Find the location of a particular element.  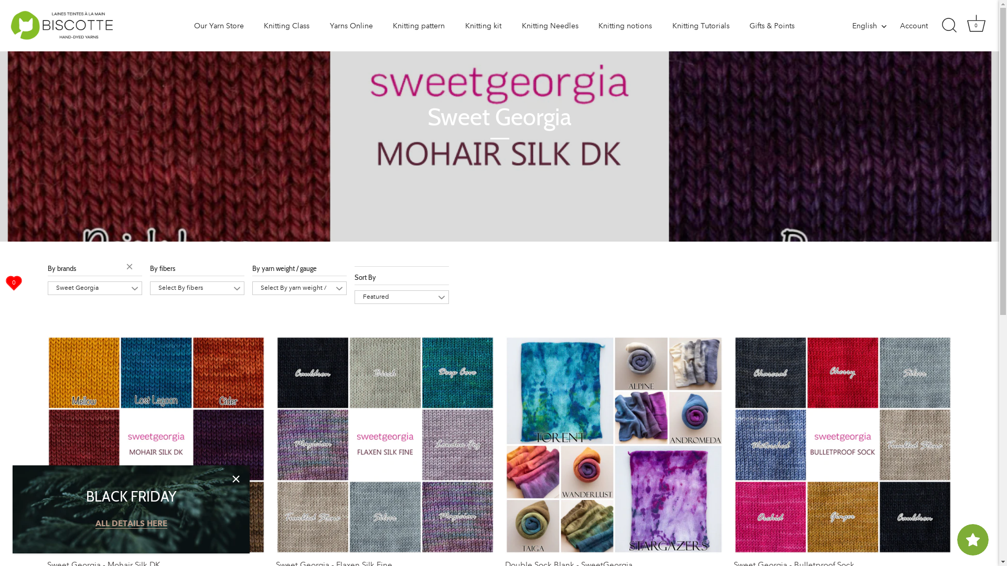

'clear' is located at coordinates (126, 268).